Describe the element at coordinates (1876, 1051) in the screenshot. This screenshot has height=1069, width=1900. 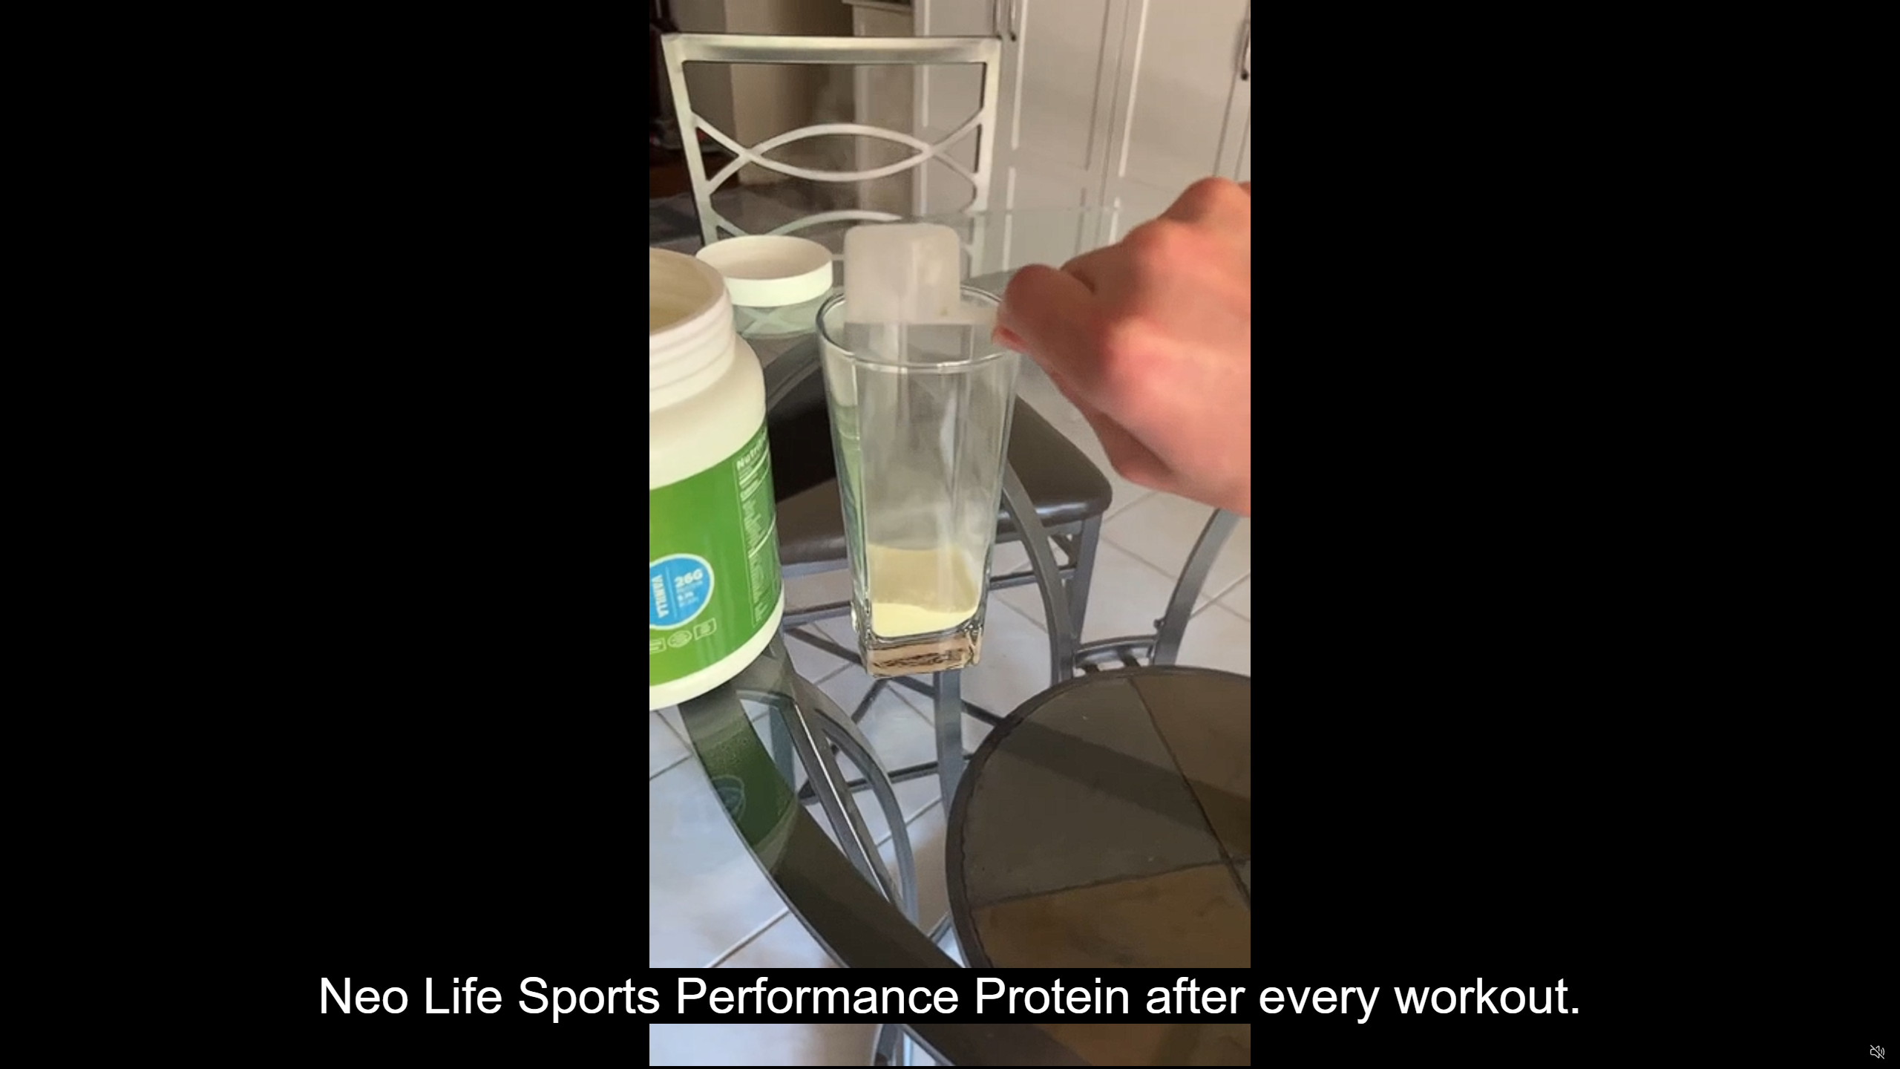
I see `'Unmute'` at that location.